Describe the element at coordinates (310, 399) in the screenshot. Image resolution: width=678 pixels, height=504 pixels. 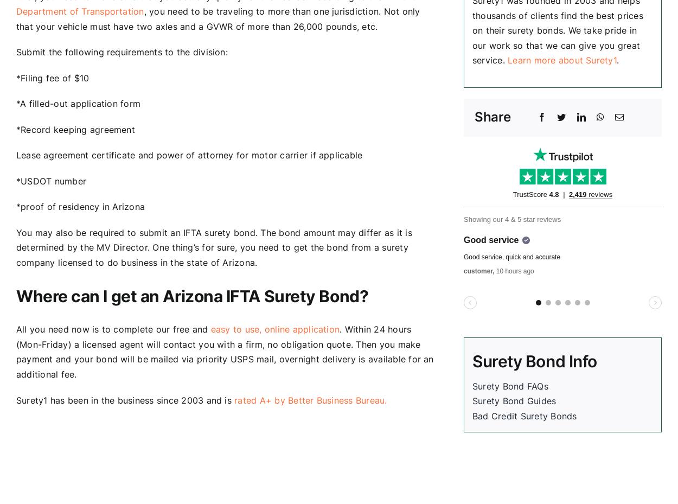
I see `'rated A+ by Better Business Bureau.'` at that location.